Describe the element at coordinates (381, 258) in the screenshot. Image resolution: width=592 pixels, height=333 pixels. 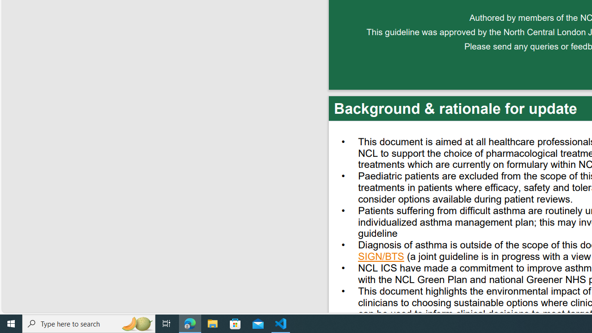
I see `'SIGN/BTS'` at that location.